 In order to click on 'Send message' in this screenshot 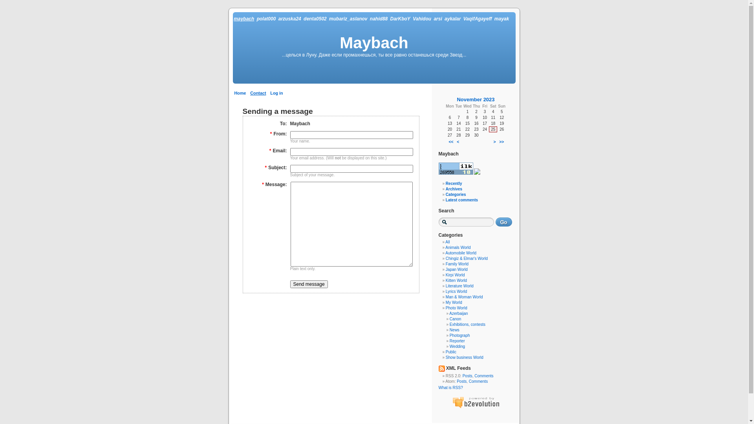, I will do `click(308, 284)`.